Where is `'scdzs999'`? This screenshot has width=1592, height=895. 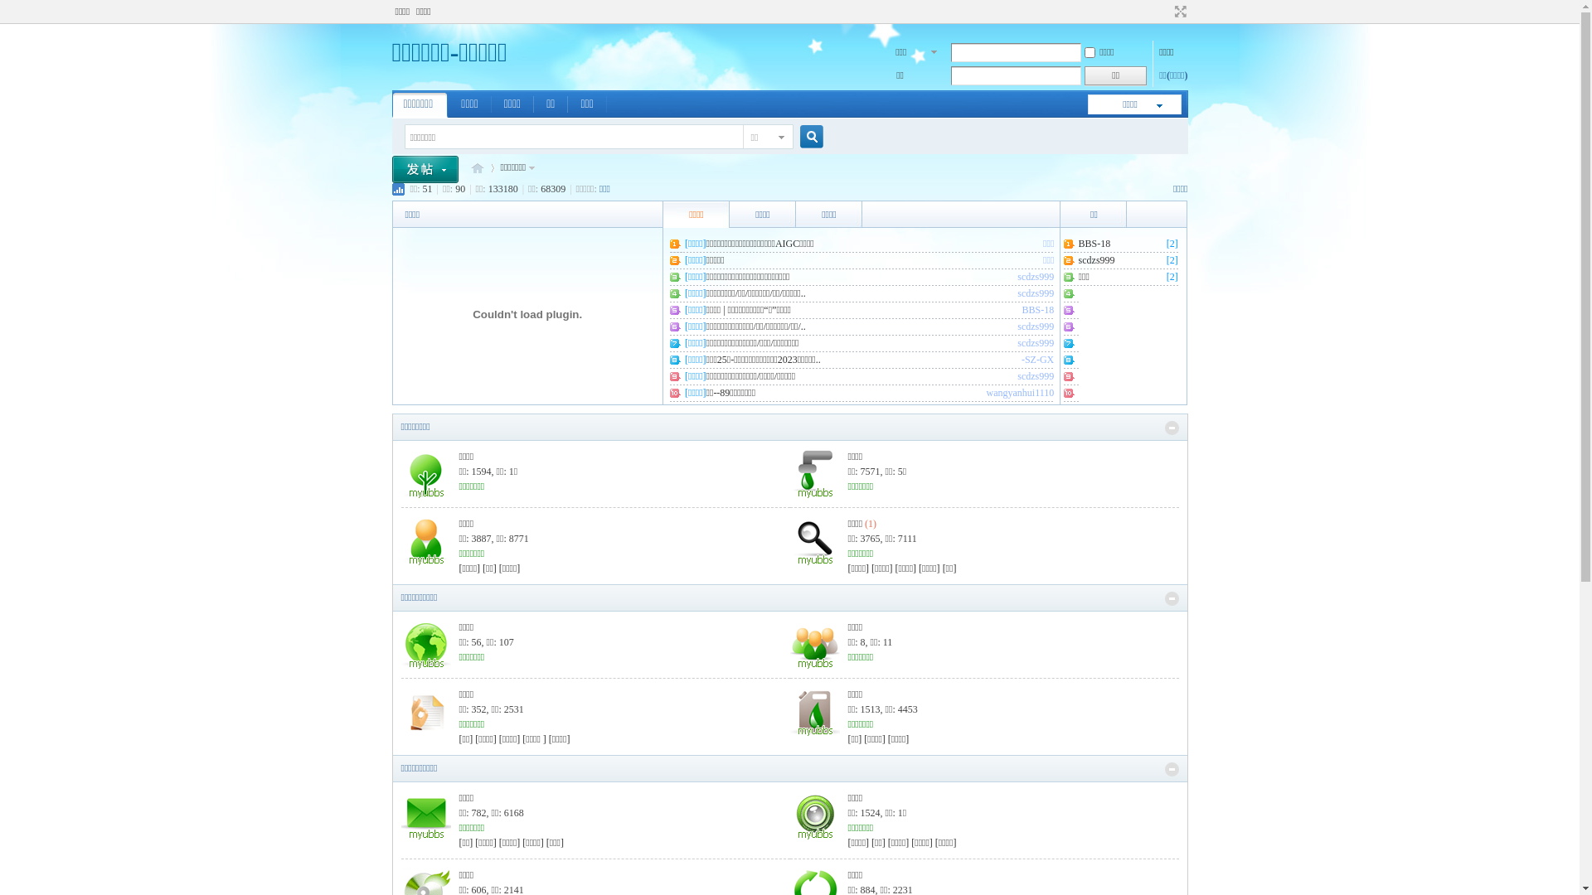 'scdzs999' is located at coordinates (1034, 341).